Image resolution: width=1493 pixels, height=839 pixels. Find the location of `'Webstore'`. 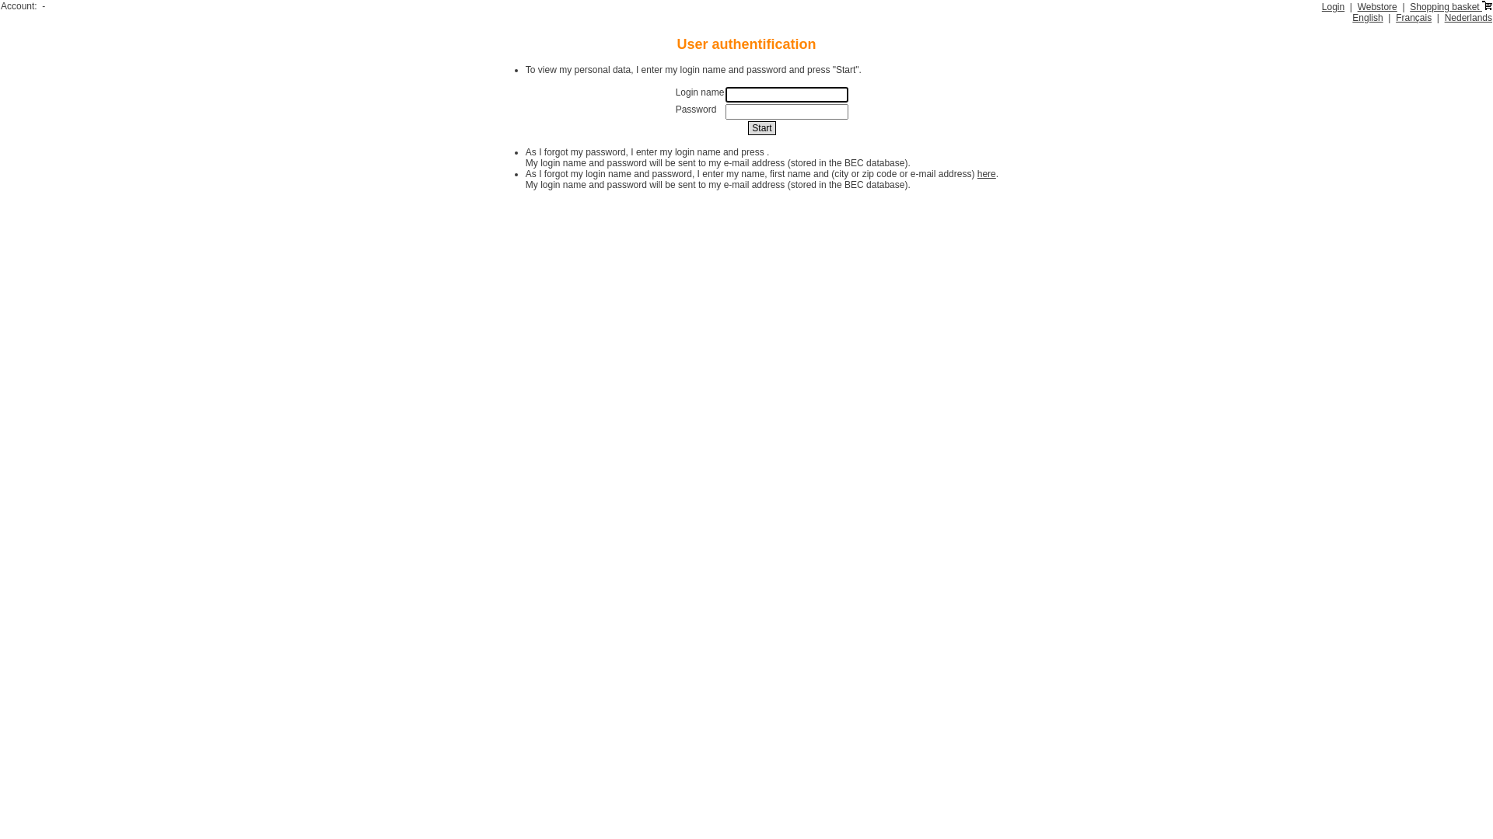

'Webstore' is located at coordinates (1377, 6).